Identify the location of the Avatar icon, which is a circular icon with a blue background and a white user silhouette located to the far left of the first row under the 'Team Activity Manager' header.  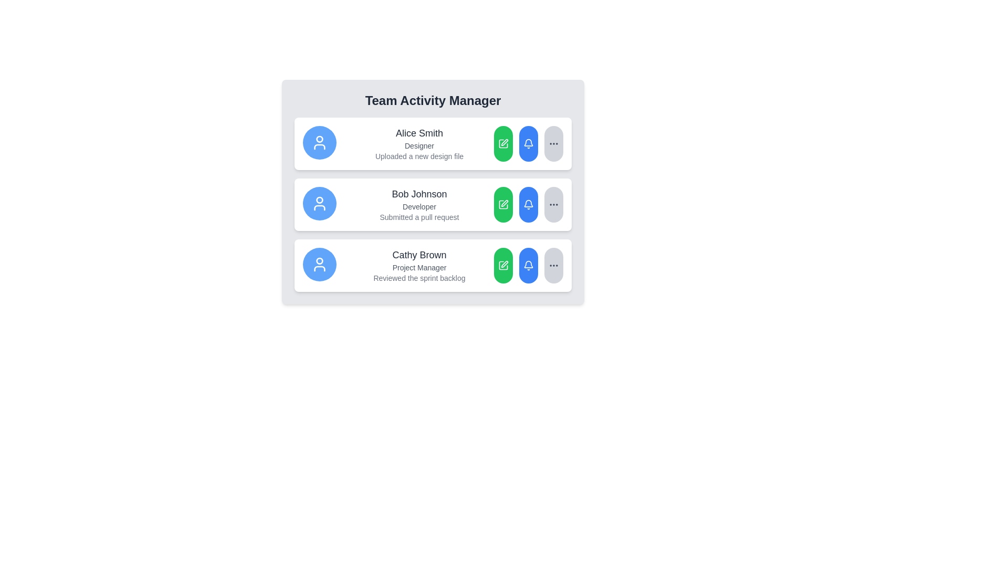
(319, 143).